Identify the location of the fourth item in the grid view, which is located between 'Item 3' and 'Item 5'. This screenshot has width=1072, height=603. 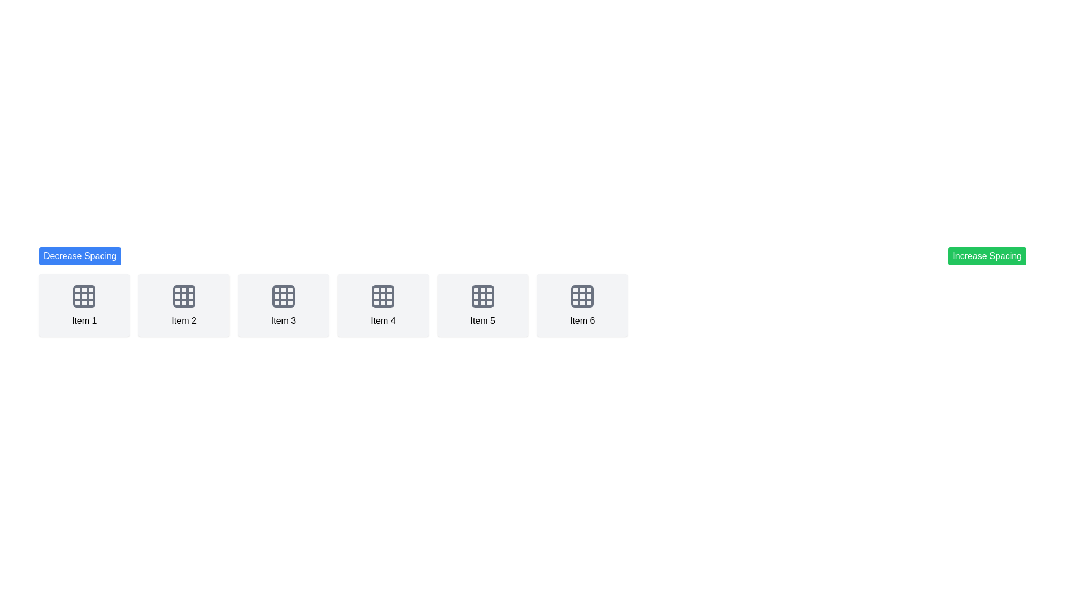
(383, 305).